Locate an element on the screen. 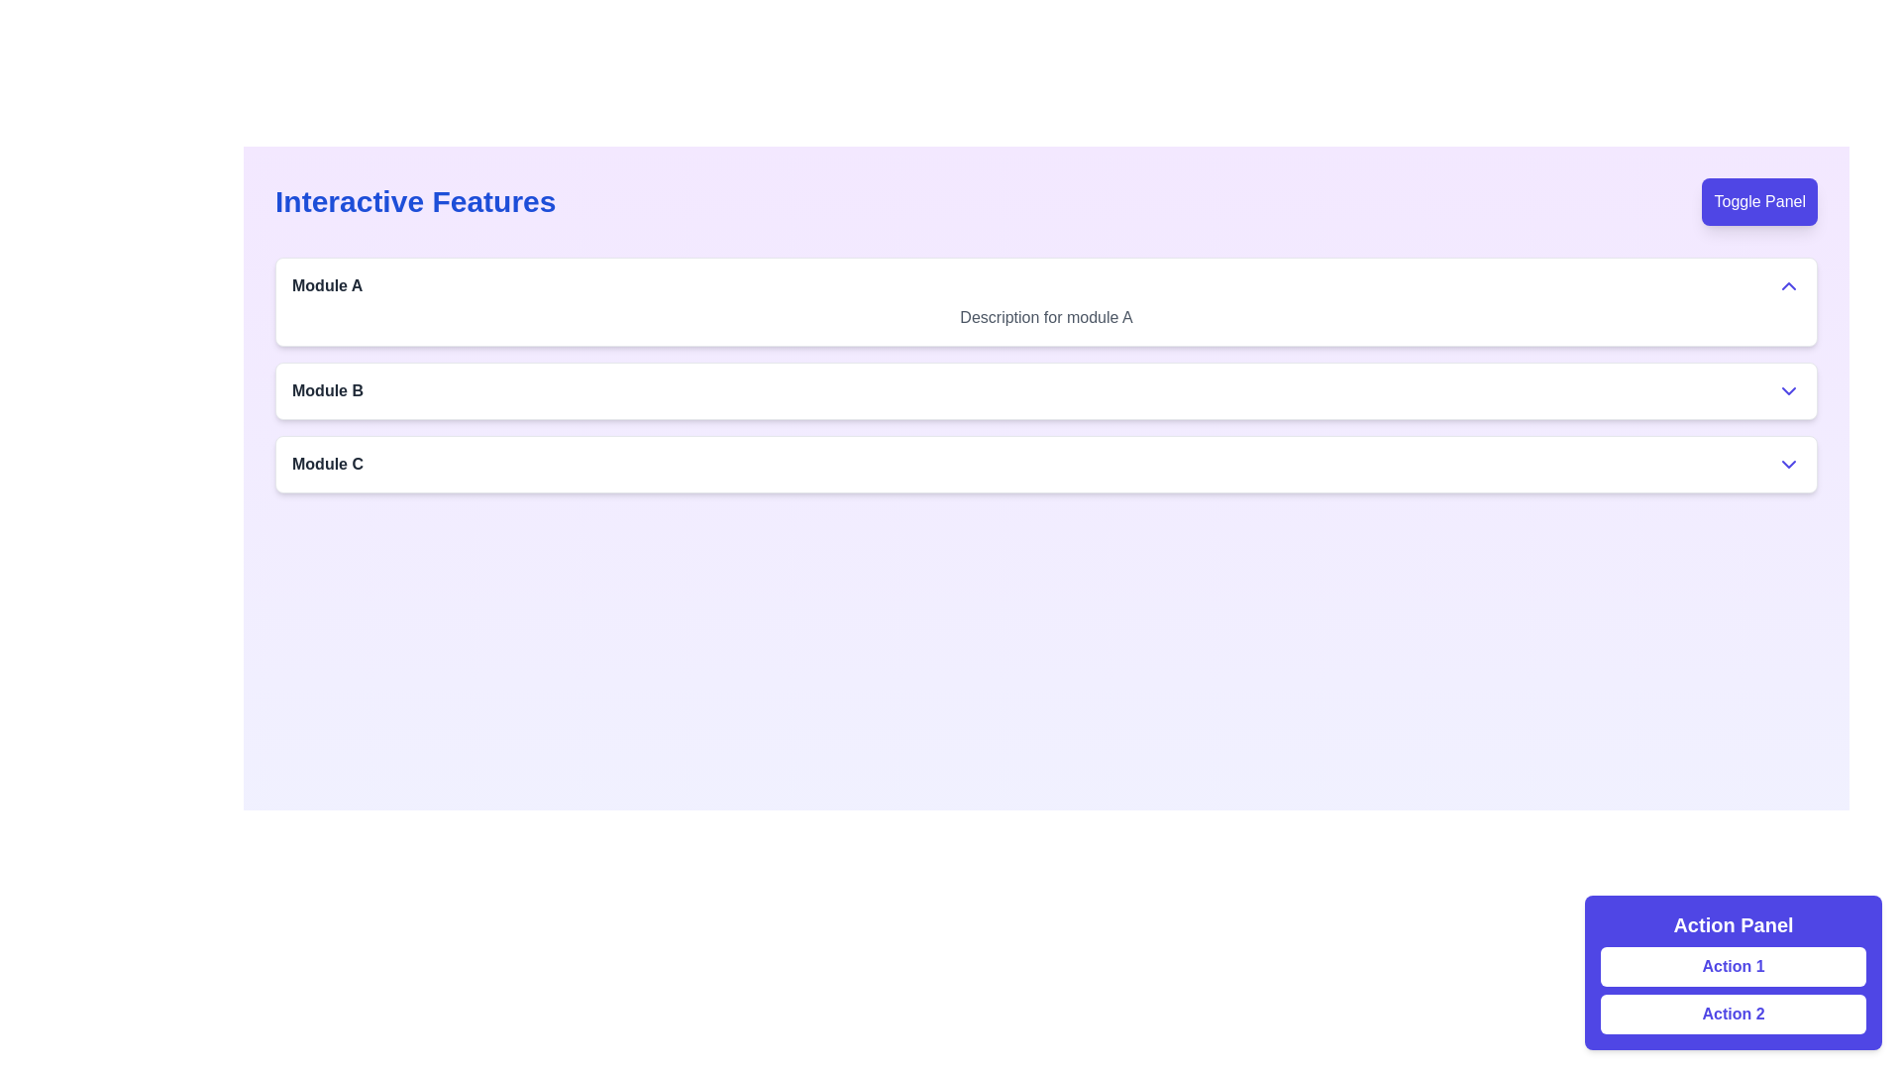  the caret on the 'Module C' button is located at coordinates (1045, 465).